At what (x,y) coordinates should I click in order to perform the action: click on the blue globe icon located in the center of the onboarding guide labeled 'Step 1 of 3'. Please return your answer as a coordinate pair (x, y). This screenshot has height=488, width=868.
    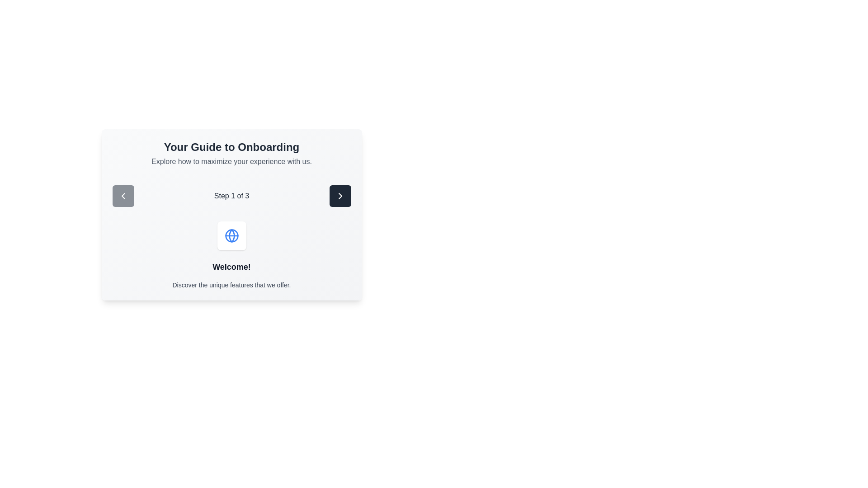
    Looking at the image, I should click on (231, 235).